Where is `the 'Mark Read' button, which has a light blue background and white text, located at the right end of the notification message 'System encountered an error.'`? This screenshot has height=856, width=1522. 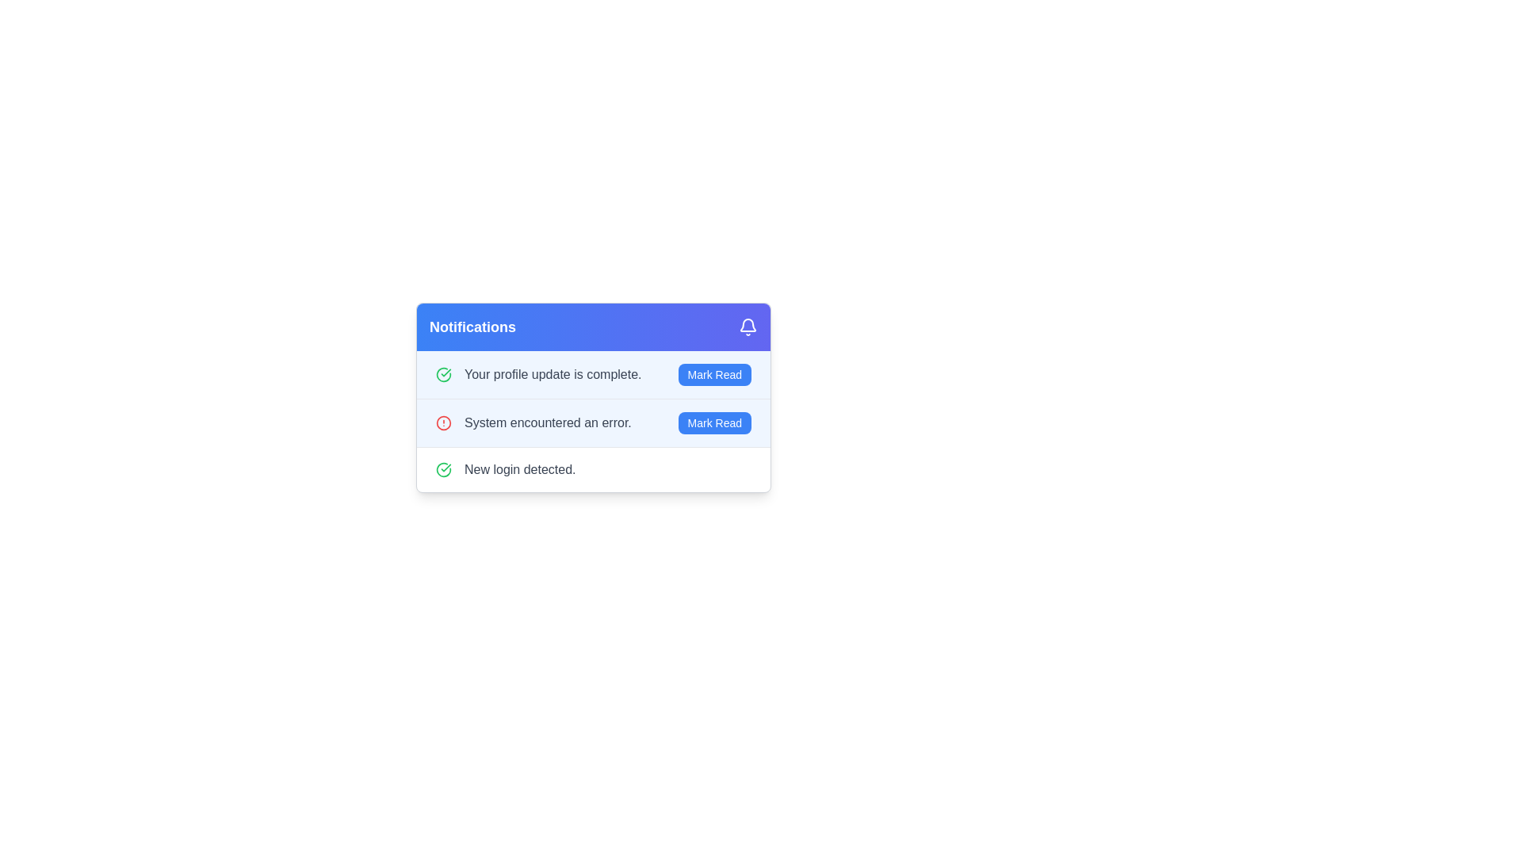 the 'Mark Read' button, which has a light blue background and white text, located at the right end of the notification message 'System encountered an error.' is located at coordinates (713, 422).